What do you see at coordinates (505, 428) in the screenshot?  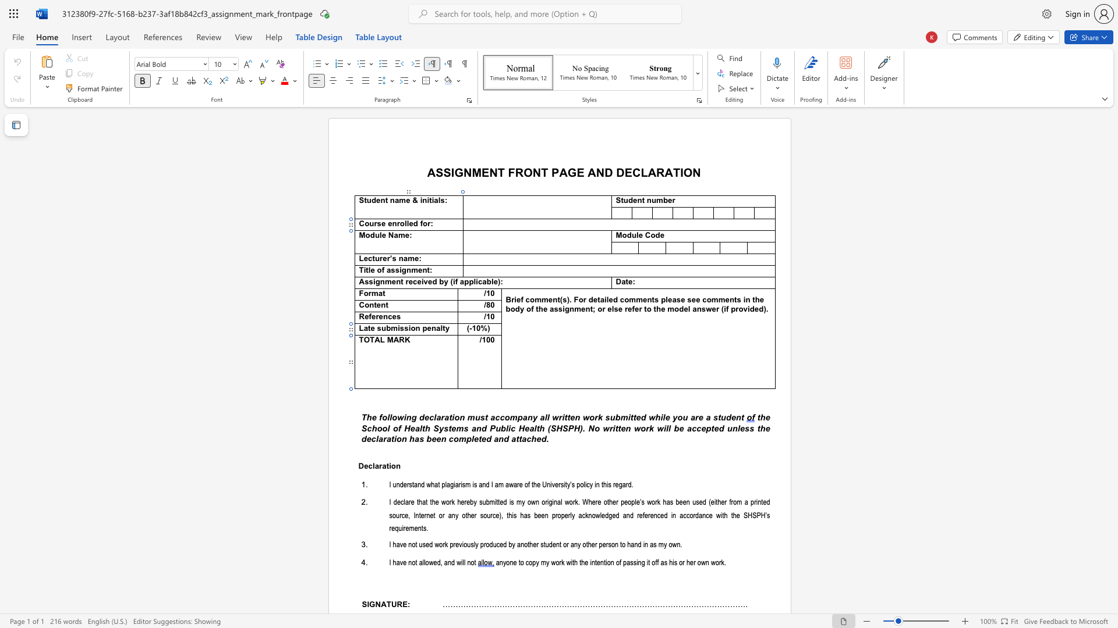 I see `the space between the continuous character "b" and "l" in the text` at bounding box center [505, 428].